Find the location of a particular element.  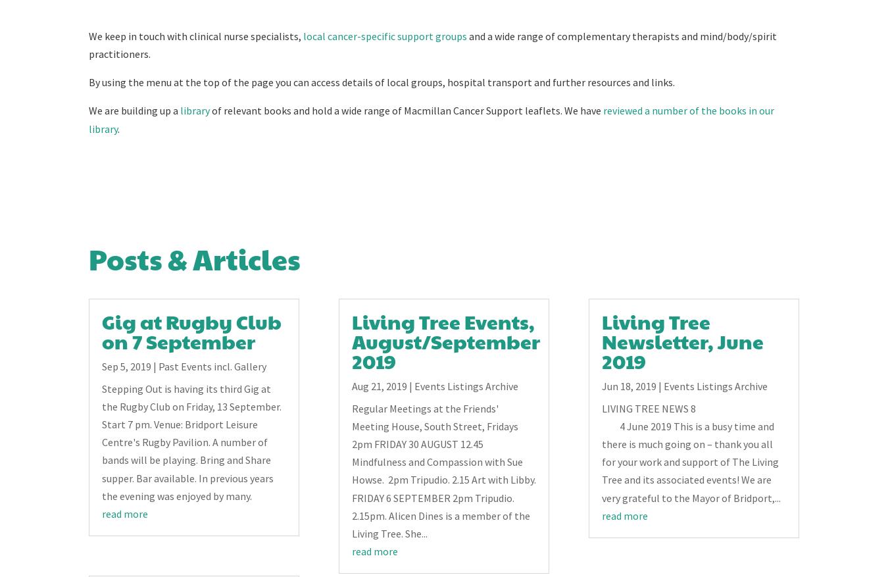

'We keep in touch with clinical nurse specialists,' is located at coordinates (195, 36).